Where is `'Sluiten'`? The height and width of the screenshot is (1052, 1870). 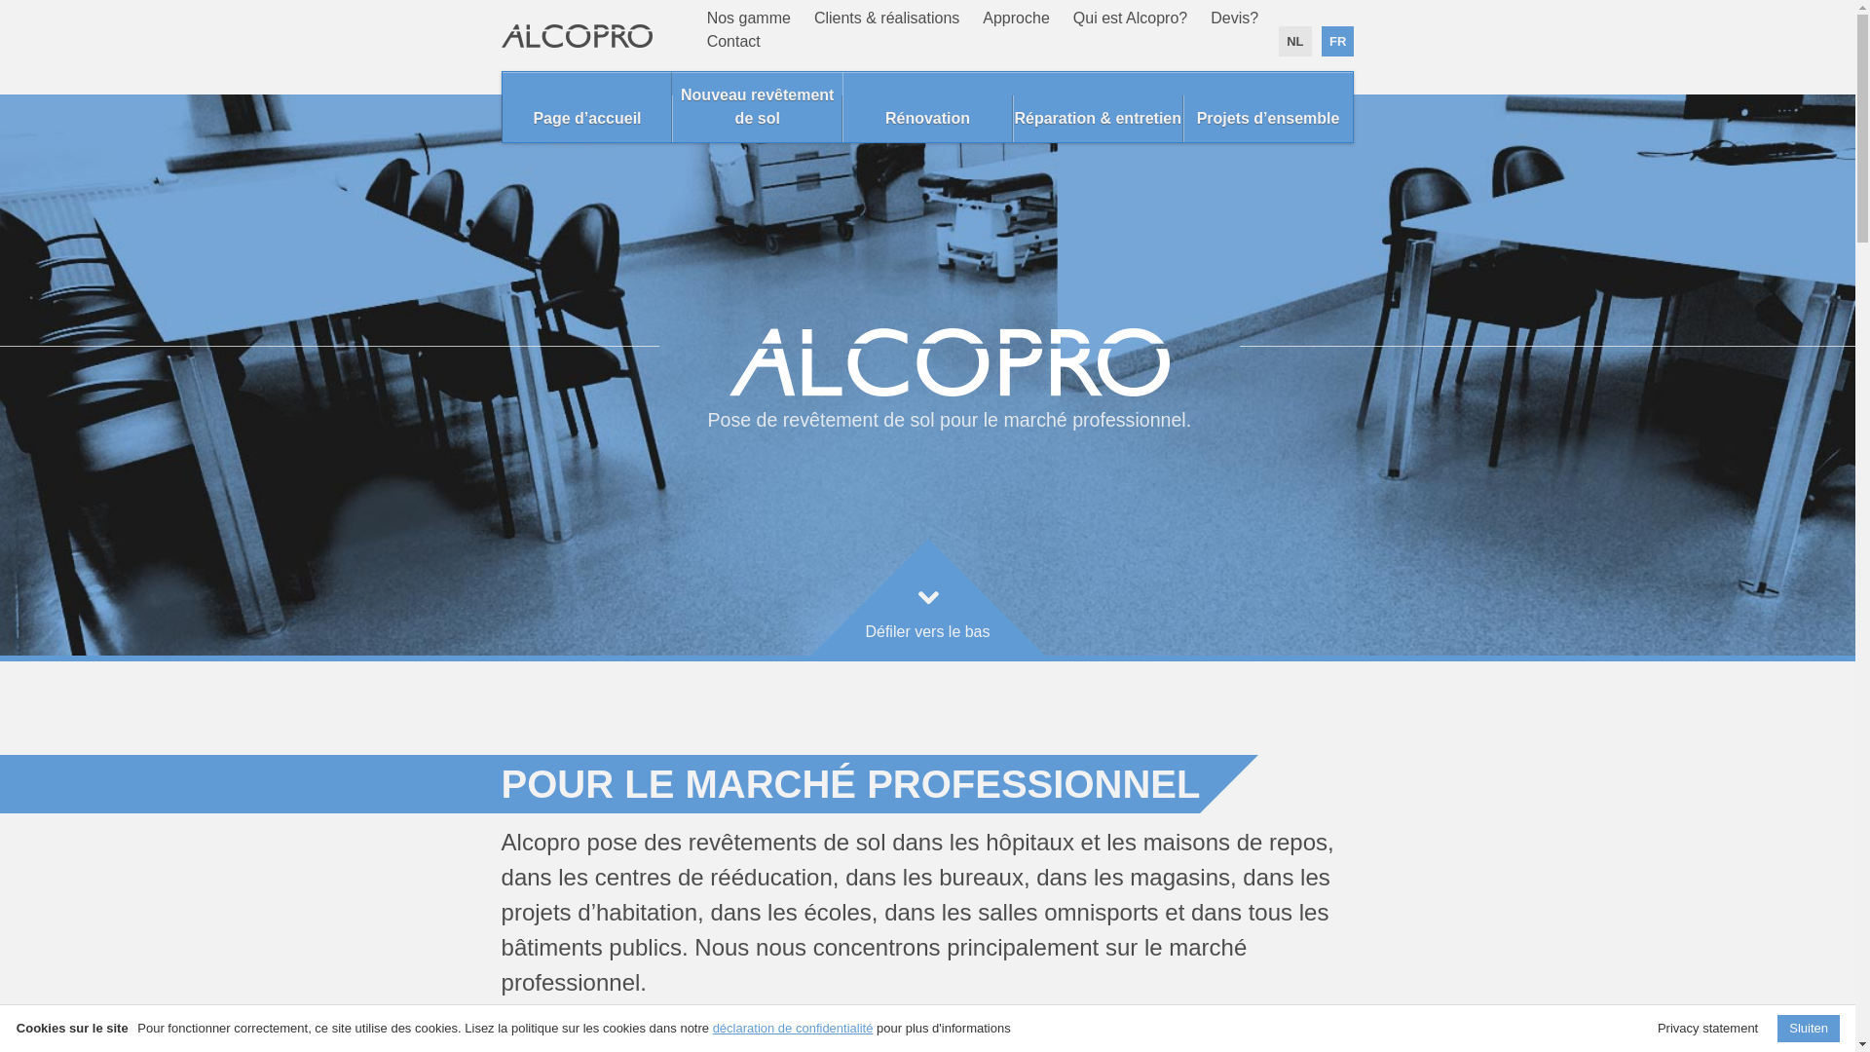
'Sluiten' is located at coordinates (1808, 1028).